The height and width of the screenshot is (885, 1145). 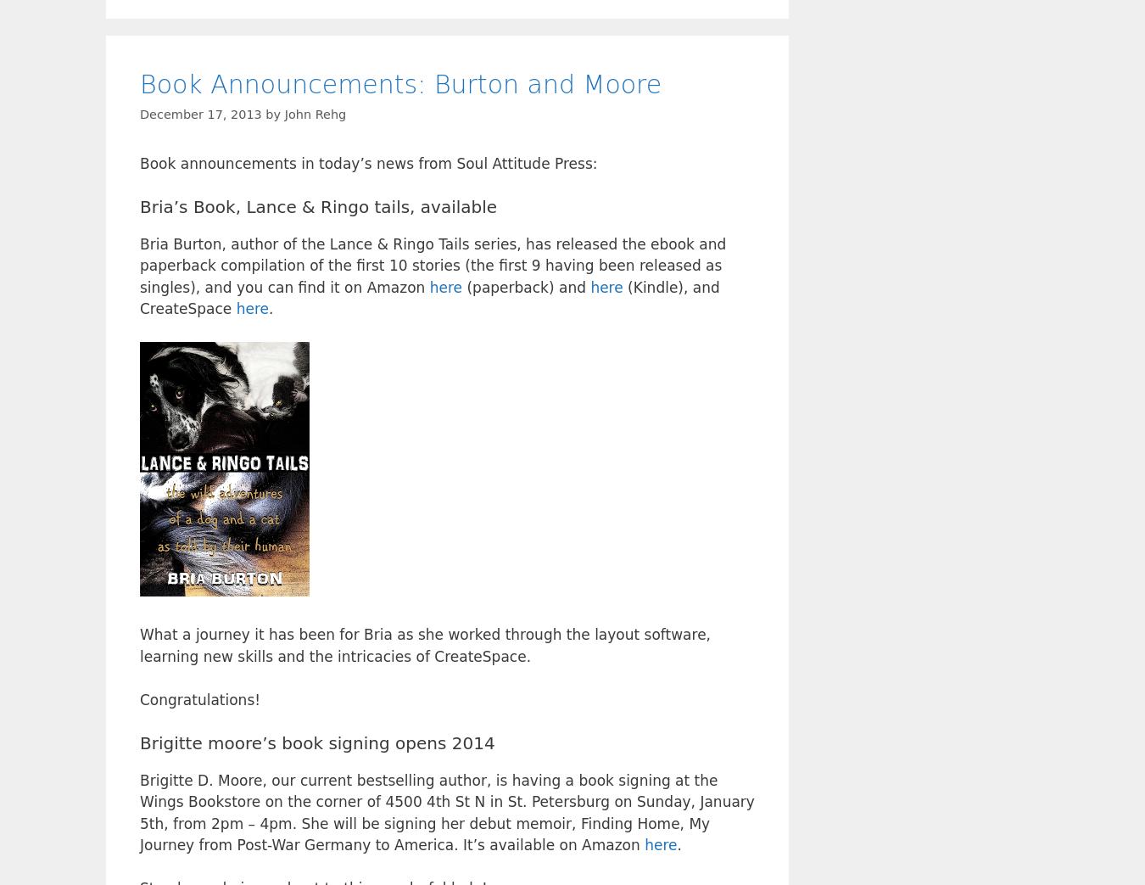 What do you see at coordinates (198, 698) in the screenshot?
I see `'Congratulations!'` at bounding box center [198, 698].